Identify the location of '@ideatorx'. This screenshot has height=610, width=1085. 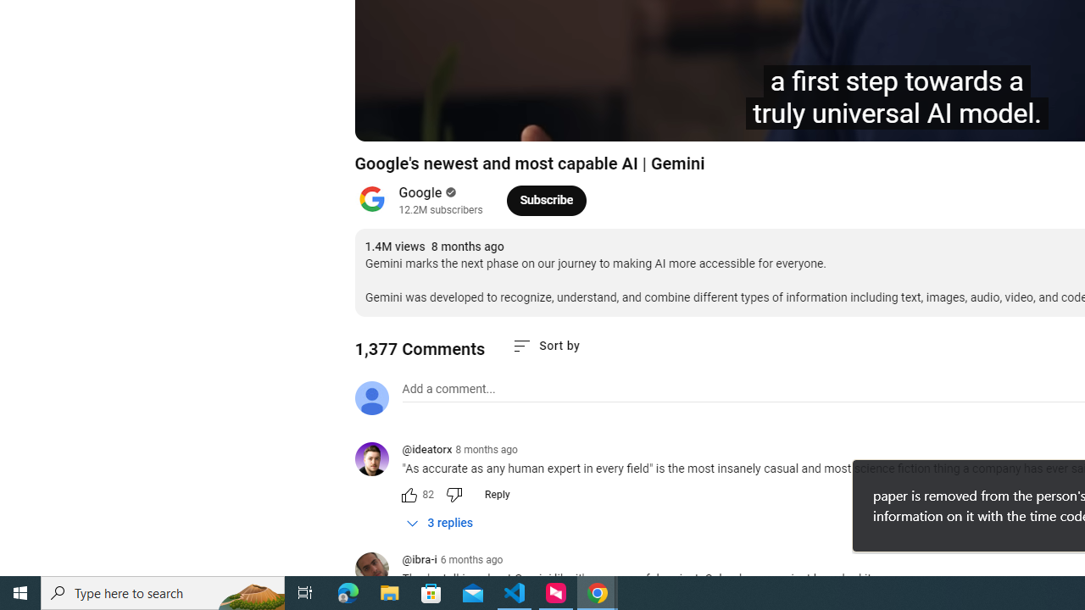
(377, 460).